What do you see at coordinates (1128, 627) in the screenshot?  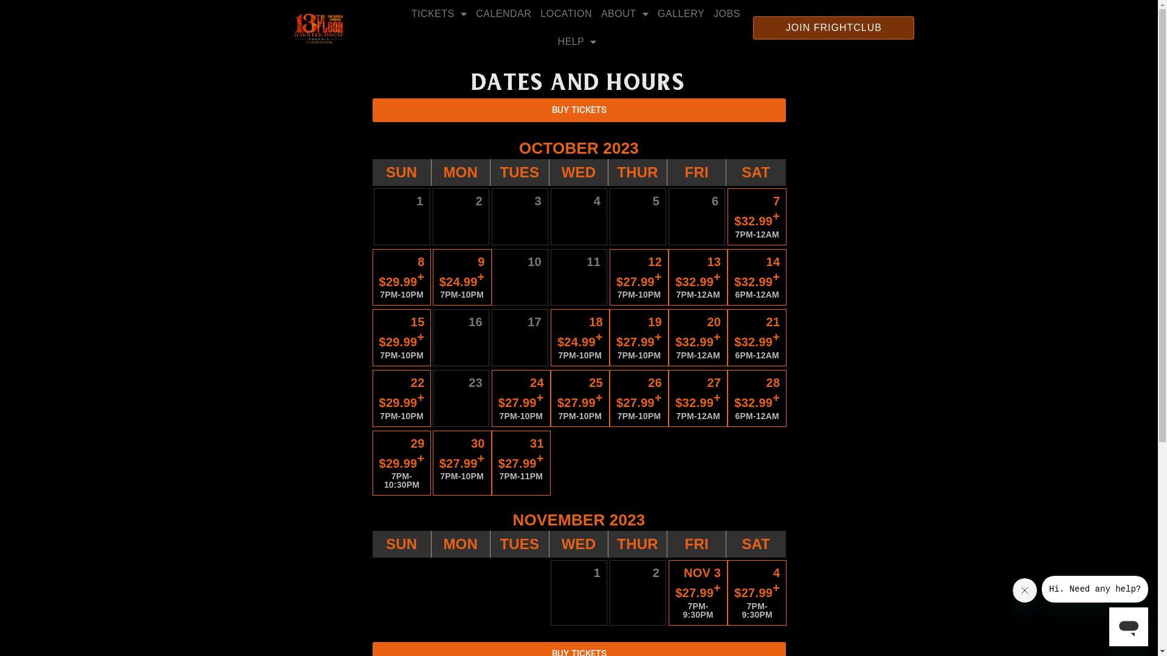 I see `'Button to launch messaging window'` at bounding box center [1128, 627].